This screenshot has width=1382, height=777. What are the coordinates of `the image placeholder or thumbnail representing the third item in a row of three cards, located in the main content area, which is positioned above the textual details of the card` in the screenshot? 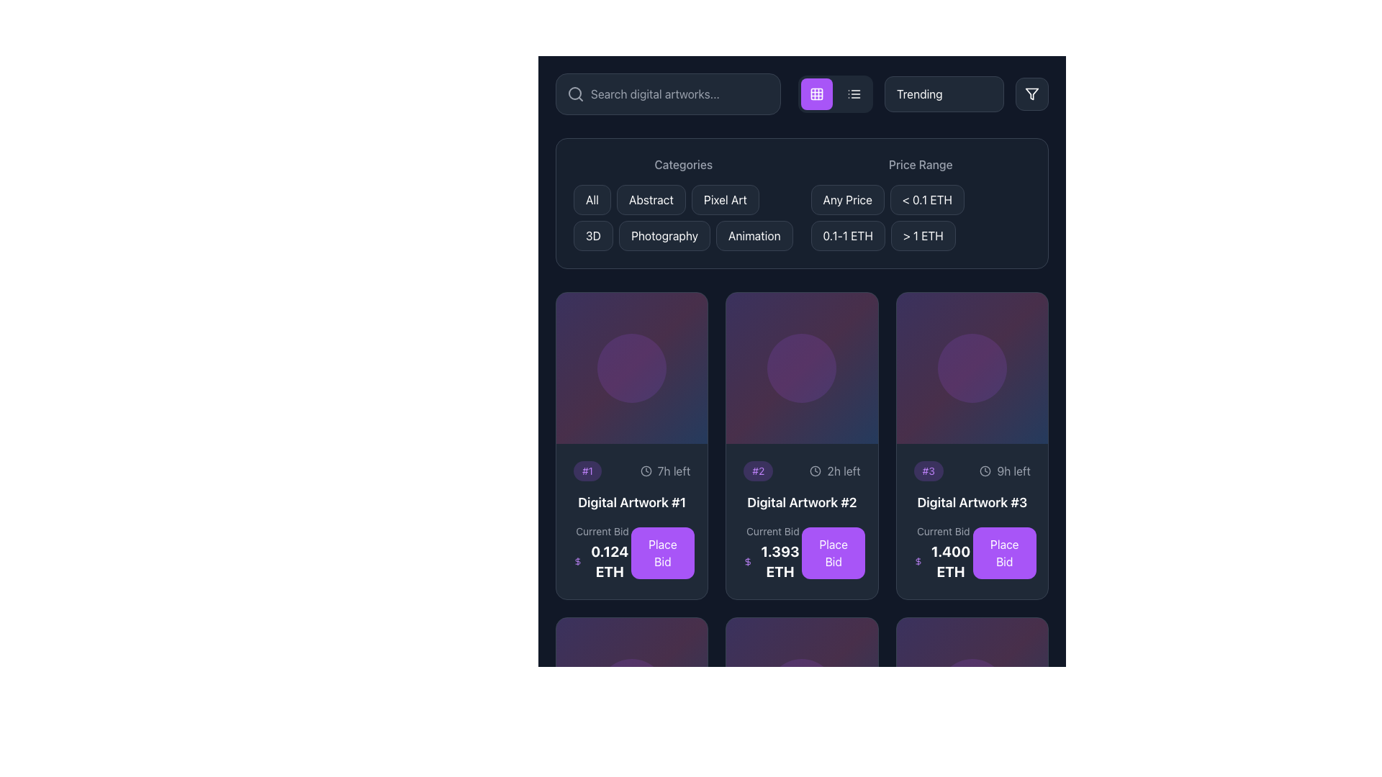 It's located at (972, 368).